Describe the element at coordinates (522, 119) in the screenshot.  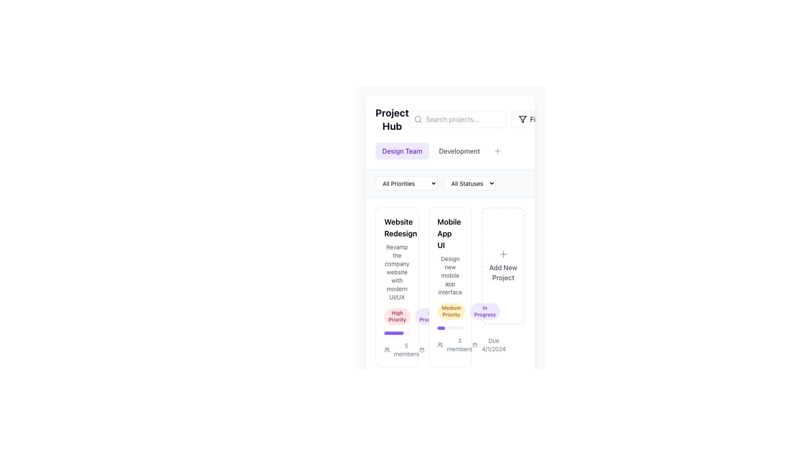
I see `the filter funnel icon located in the top right corner of the 'Filters' button, adjacent to the search bar` at that location.